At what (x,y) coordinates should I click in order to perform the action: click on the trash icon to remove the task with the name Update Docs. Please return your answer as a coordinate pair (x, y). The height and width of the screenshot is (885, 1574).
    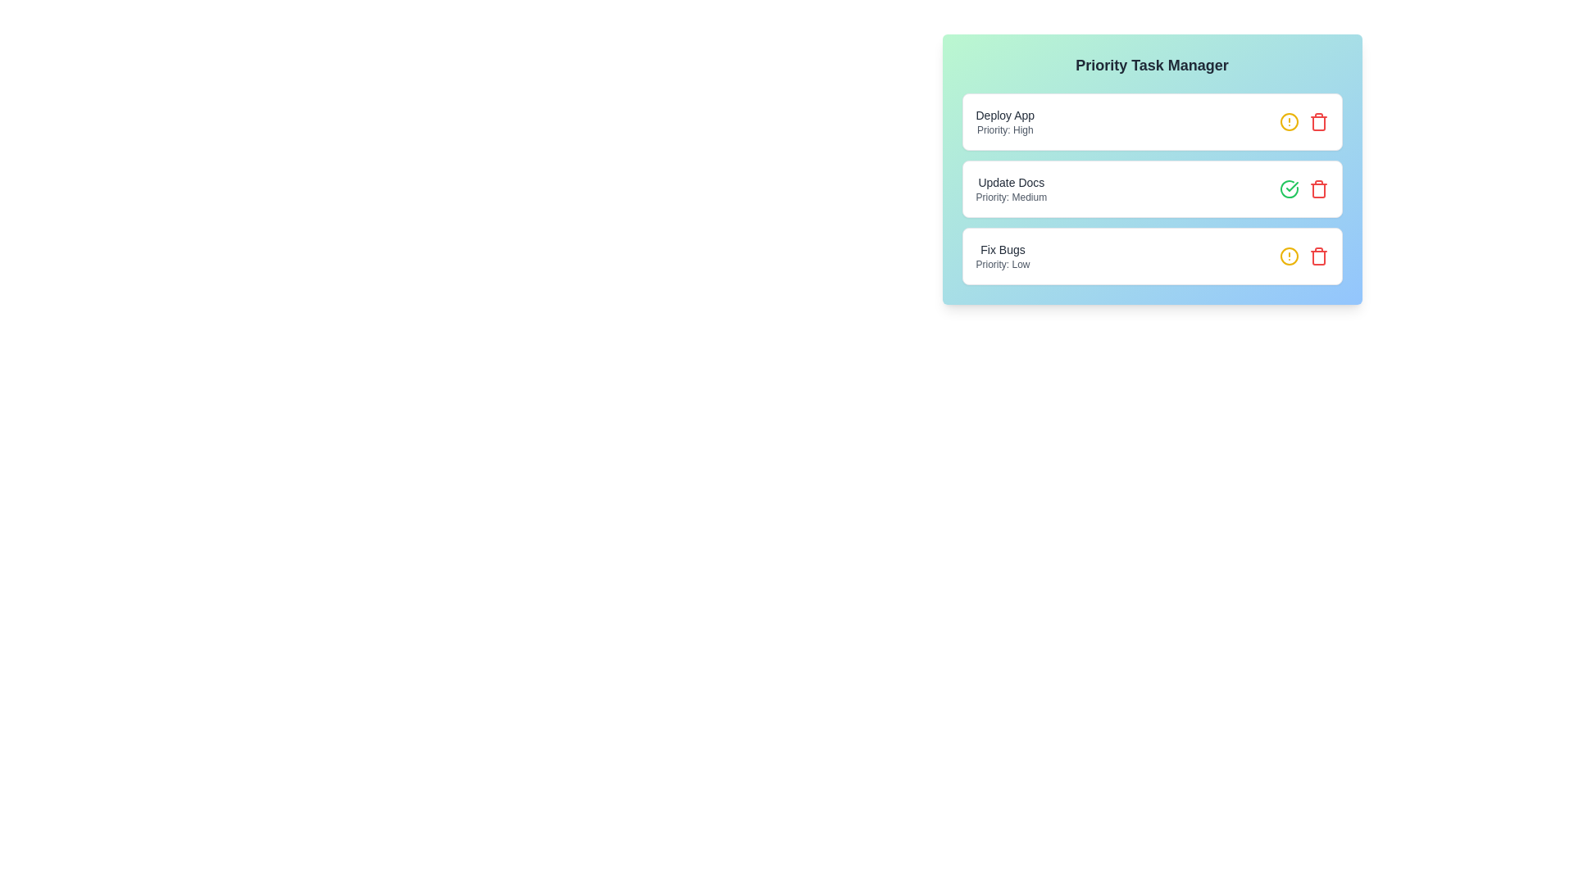
    Looking at the image, I should click on (1318, 188).